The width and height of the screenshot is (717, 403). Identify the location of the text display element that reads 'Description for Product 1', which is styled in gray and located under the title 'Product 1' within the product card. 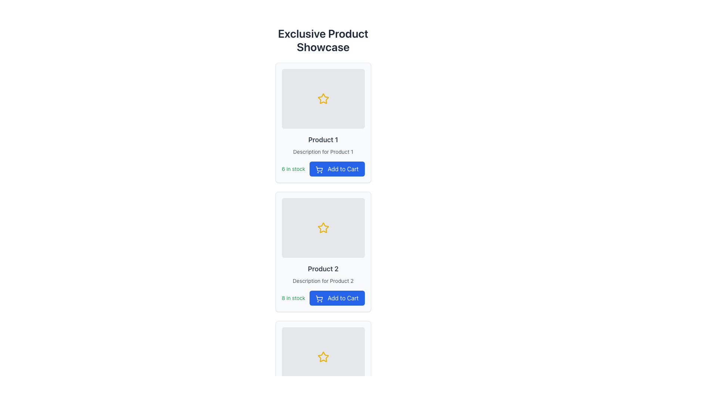
(323, 151).